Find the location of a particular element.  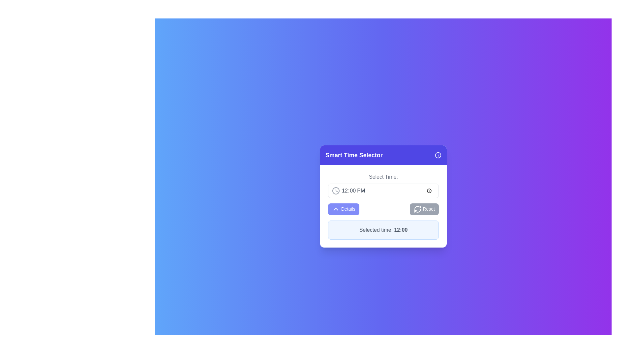

displayed time information from the Informational label box located at the bottom of the interface, beneath the 'Details' and 'Reset' buttons is located at coordinates (383, 230).